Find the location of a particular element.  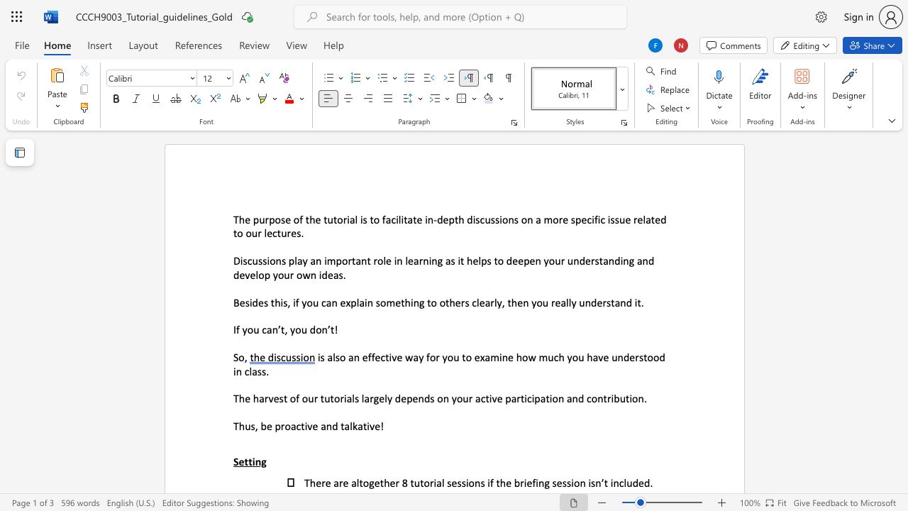

the 2th character "s" in the text is located at coordinates (260, 260).